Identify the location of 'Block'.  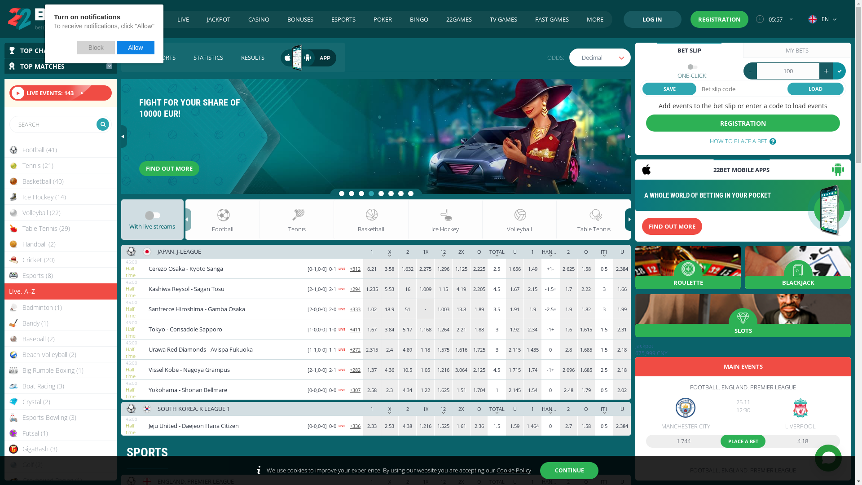
(77, 47).